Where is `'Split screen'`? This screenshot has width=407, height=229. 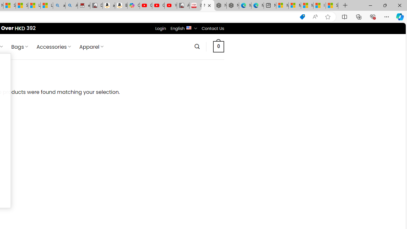
'Split screen' is located at coordinates (344, 16).